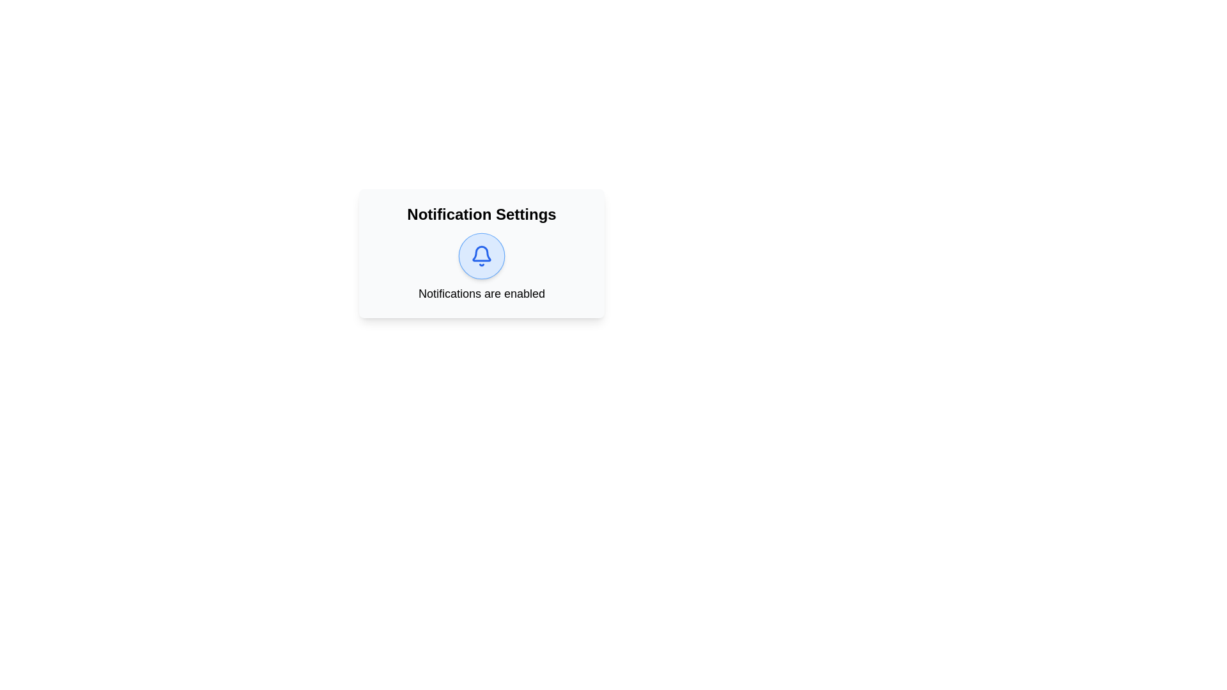 This screenshot has width=1227, height=690. Describe the element at coordinates (481, 256) in the screenshot. I see `the notification icon for visual inspection` at that location.